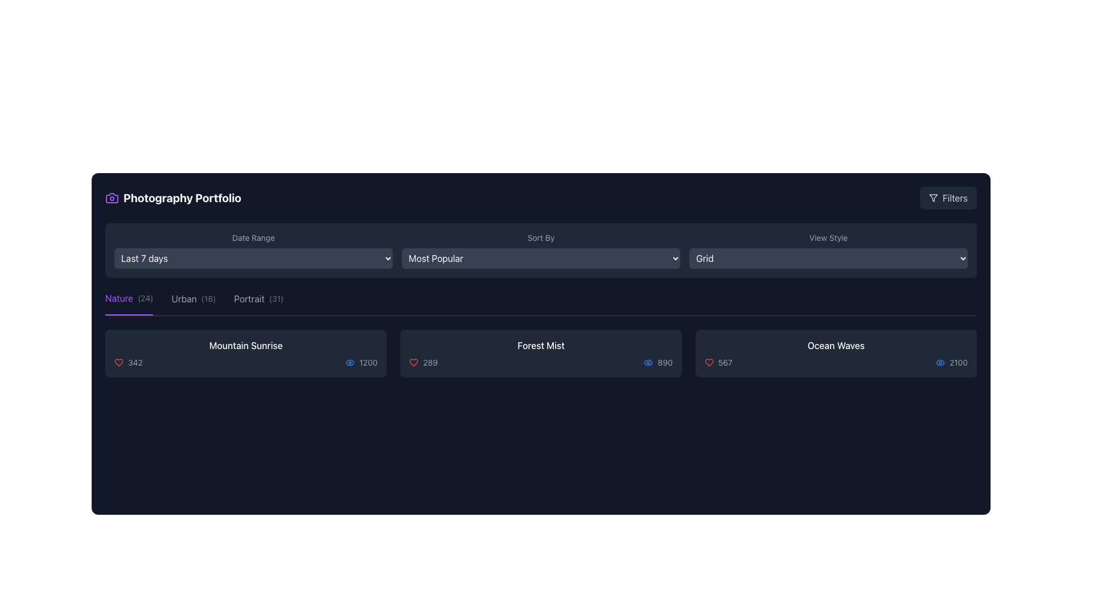  What do you see at coordinates (423, 362) in the screenshot?
I see `numerical counter text '289' displayed next to the red heart icon, located in the left part of the middle row under the title 'Forest Mist'` at bounding box center [423, 362].